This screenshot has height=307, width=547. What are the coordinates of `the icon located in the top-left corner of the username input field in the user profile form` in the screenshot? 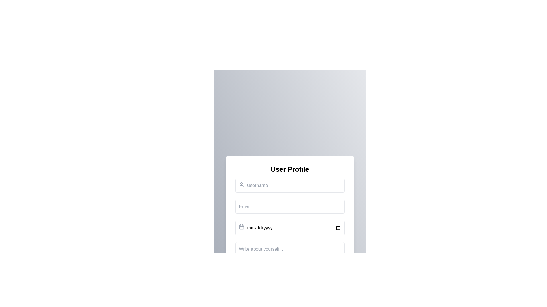 It's located at (241, 185).